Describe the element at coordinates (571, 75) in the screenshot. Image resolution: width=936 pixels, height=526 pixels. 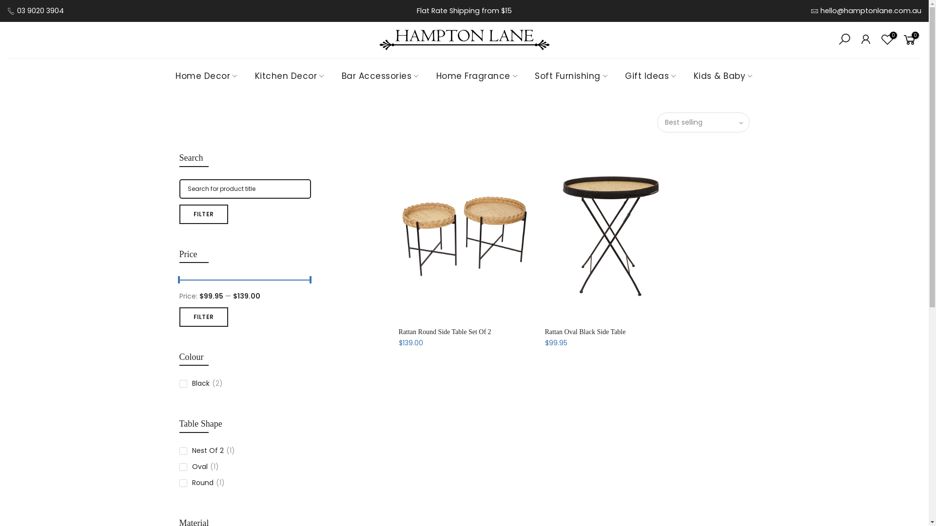
I see `'Soft Furnishing'` at that location.